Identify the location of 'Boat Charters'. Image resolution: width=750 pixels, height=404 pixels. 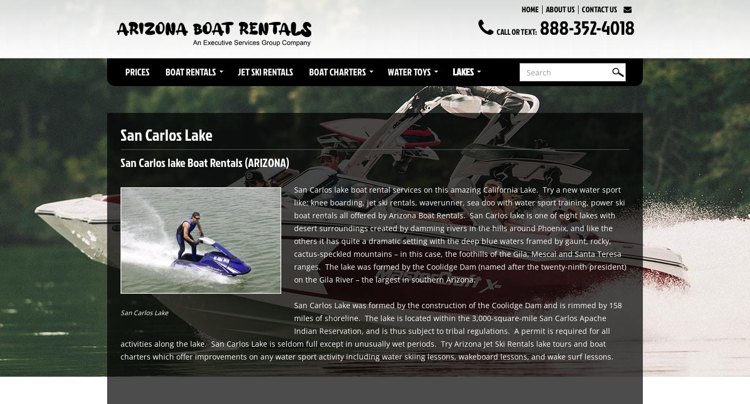
(337, 72).